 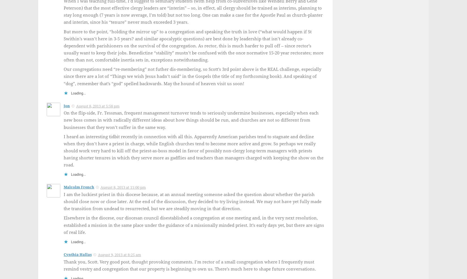 What do you see at coordinates (64, 151) in the screenshot?
I see `'I heard an interesting tidbit recently in connection with all this.  Apparently American parishes tend to stagnate and decline when they don’t have a priest in charge, while English churches tend to become more active and grow.  So perhaps we really should work very hard to kill off the priest-as-boss model in favor of possibly non-clergy long-term managers with priests having shorter tenures in which they serve more as gadflies and teachers than managers charged with keeping the show on the road.'` at bounding box center [64, 151].